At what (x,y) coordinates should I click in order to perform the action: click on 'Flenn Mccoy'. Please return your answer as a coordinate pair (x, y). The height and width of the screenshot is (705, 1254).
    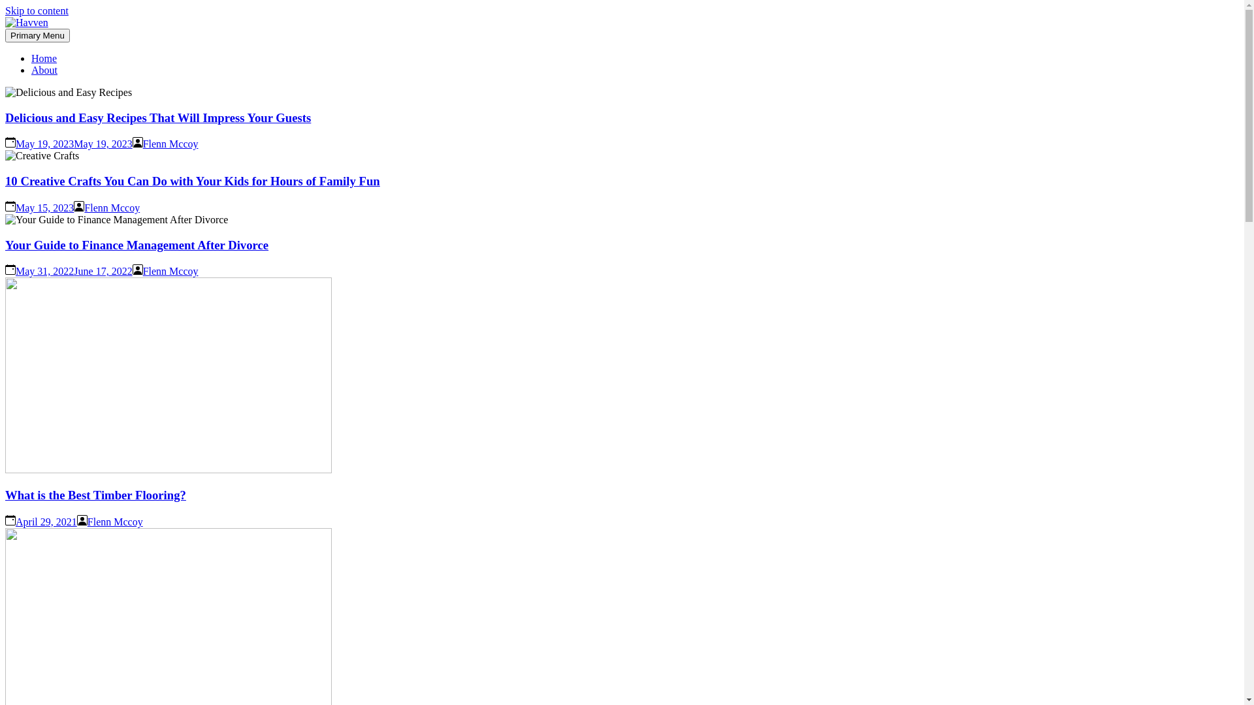
    Looking at the image, I should click on (112, 207).